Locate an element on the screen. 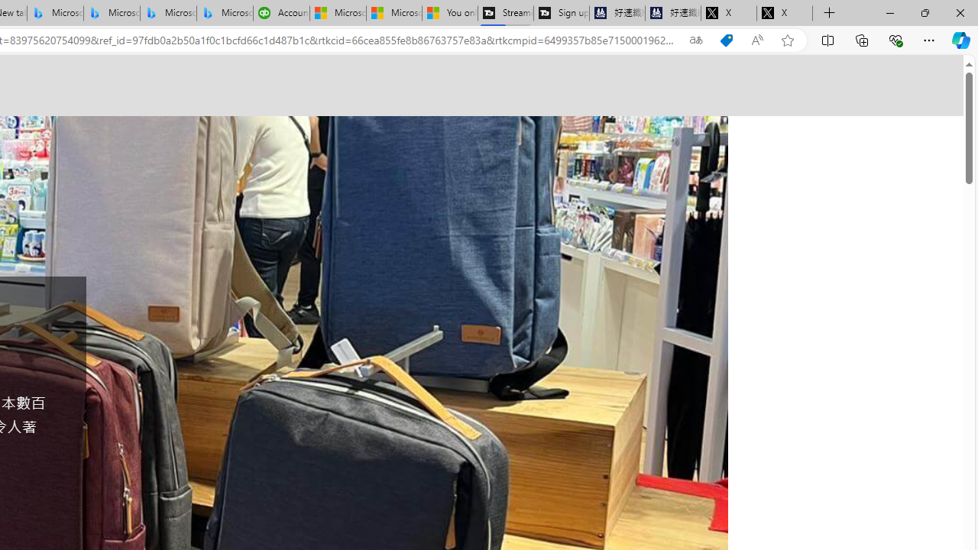 This screenshot has height=550, width=978. 'Read aloud this page (Ctrl+Shift+U)' is located at coordinates (757, 40).